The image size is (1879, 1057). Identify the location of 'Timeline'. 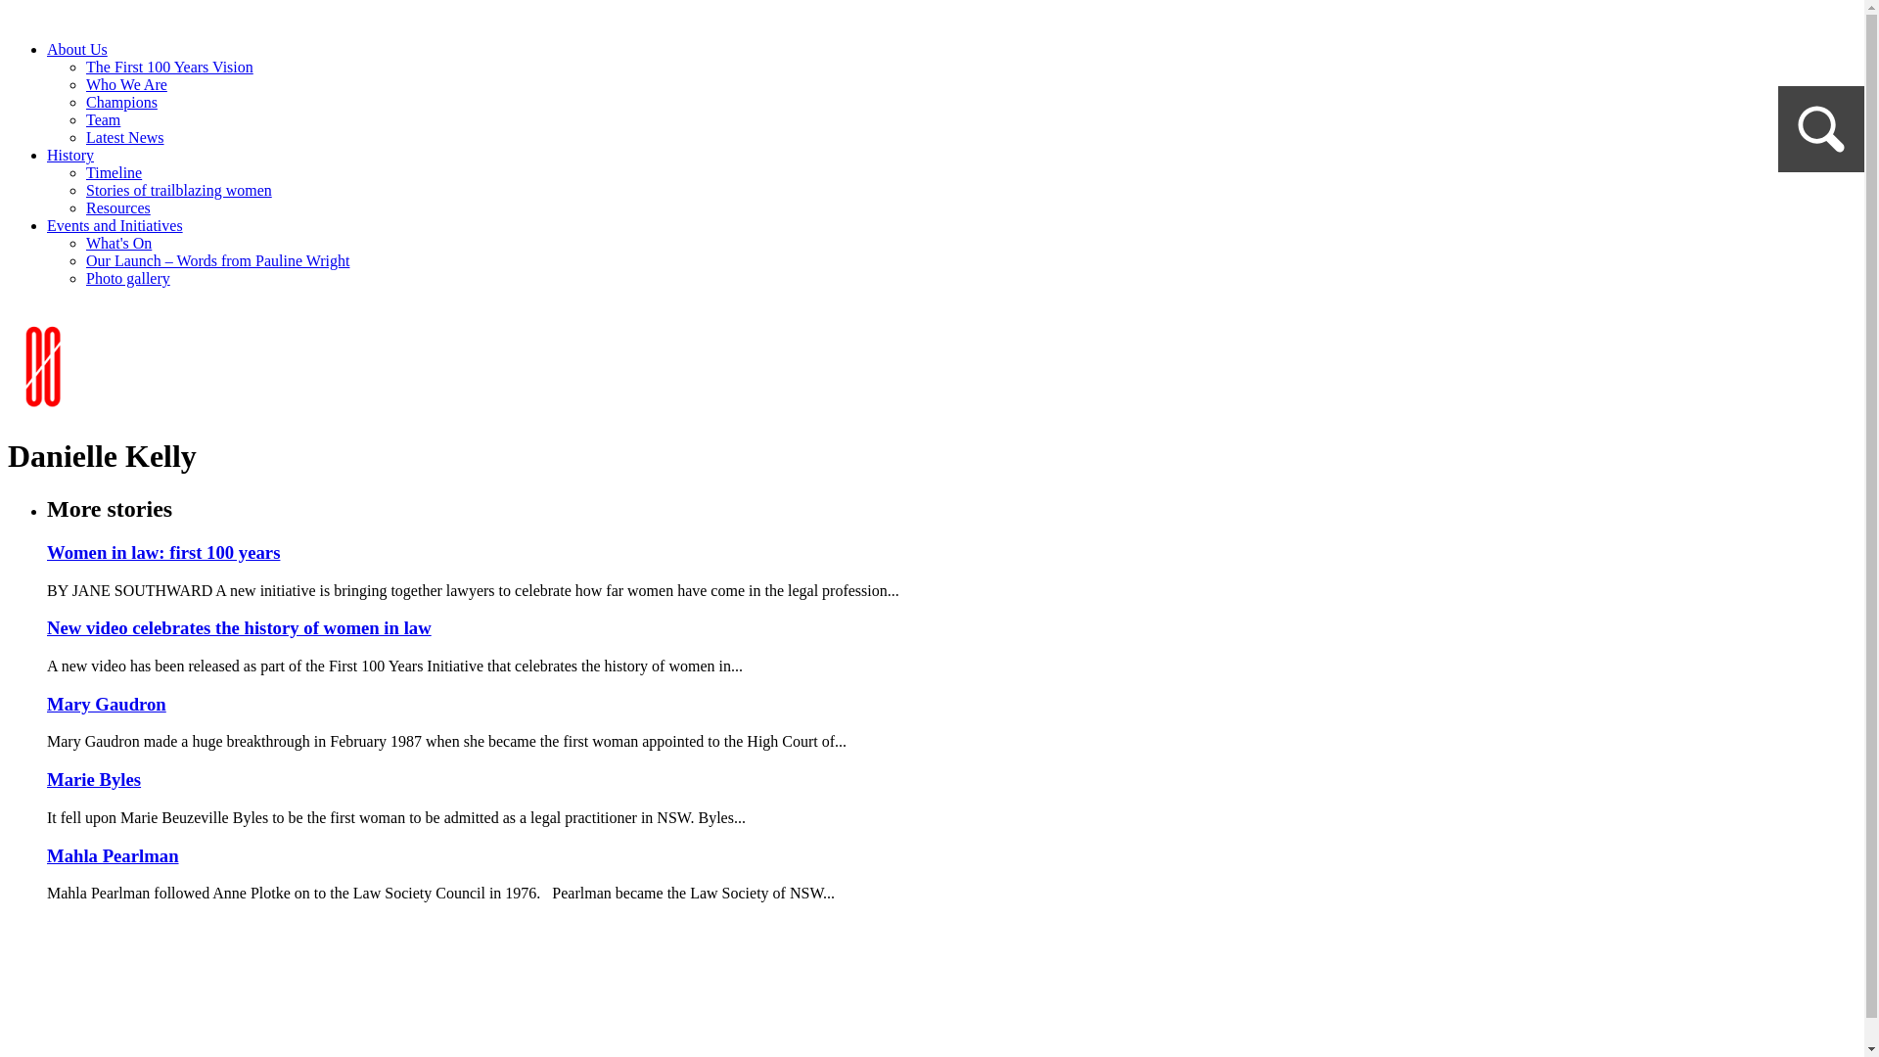
(113, 171).